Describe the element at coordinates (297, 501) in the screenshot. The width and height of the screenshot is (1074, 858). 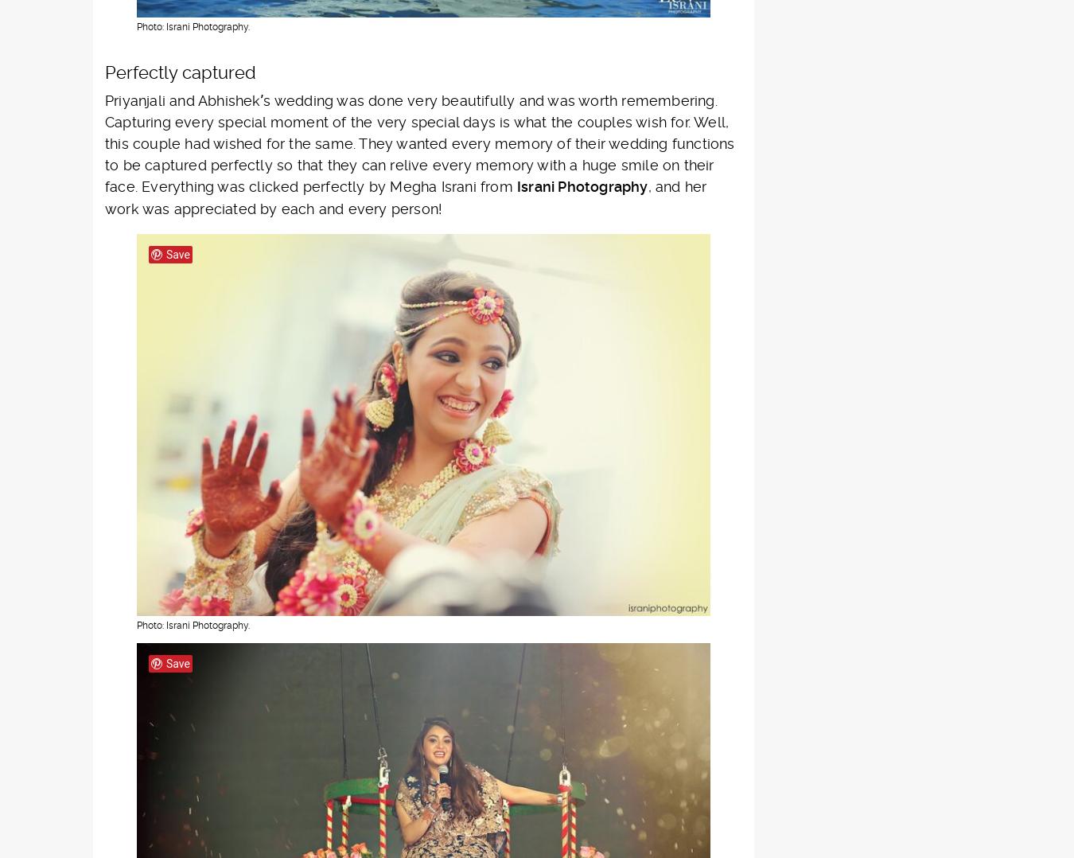
I see `'Visit our Facebook'` at that location.